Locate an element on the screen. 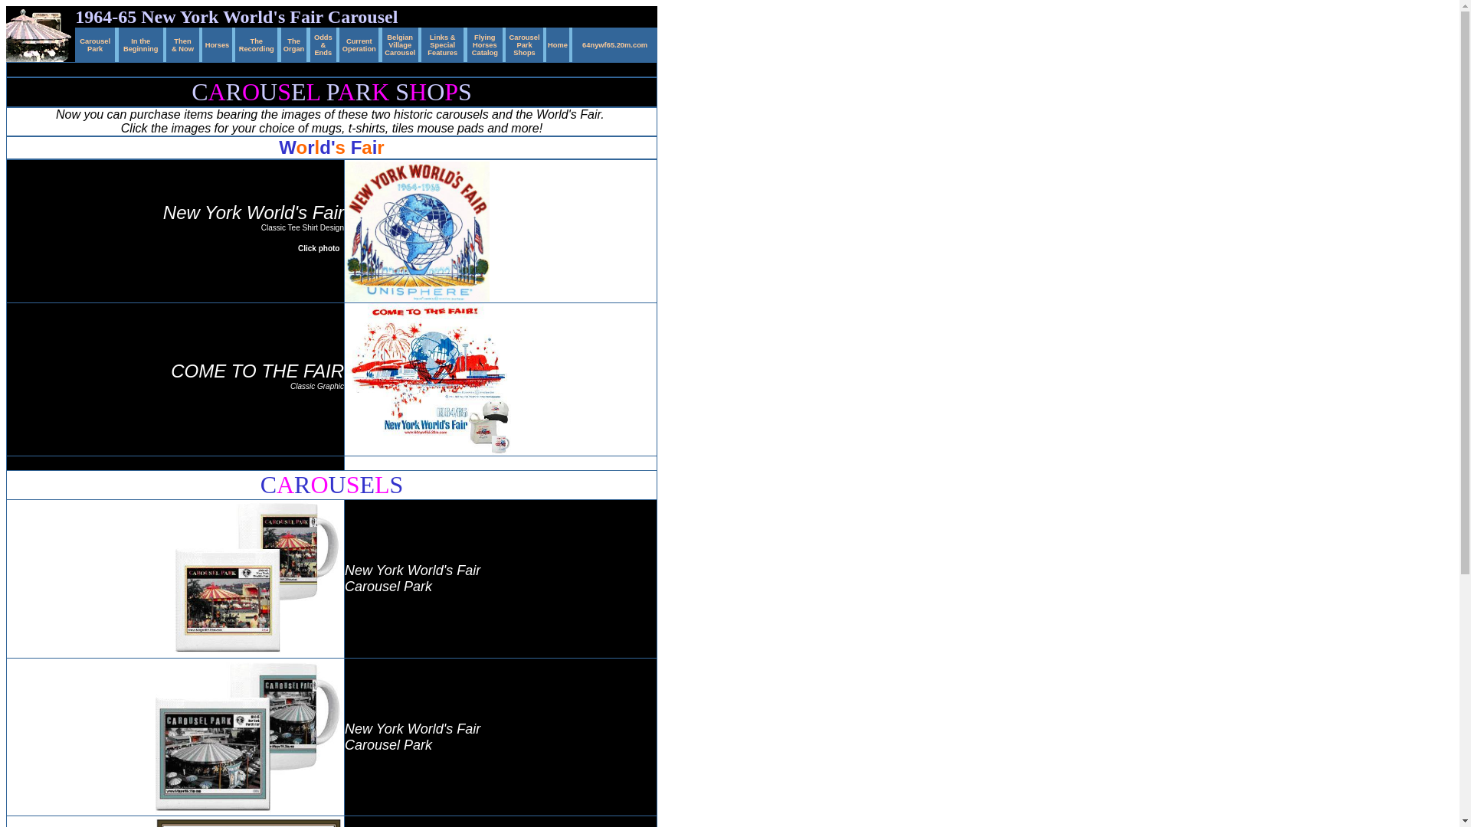 The width and height of the screenshot is (1471, 827). 'Then is located at coordinates (182, 42).